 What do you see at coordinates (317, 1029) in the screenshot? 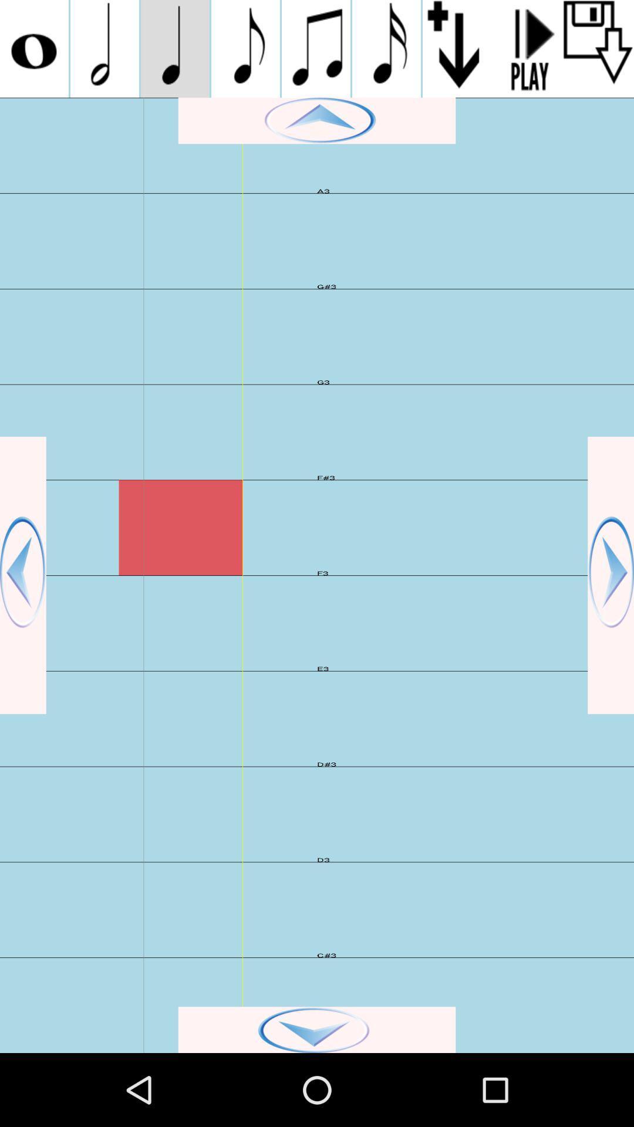
I see `go down page` at bounding box center [317, 1029].